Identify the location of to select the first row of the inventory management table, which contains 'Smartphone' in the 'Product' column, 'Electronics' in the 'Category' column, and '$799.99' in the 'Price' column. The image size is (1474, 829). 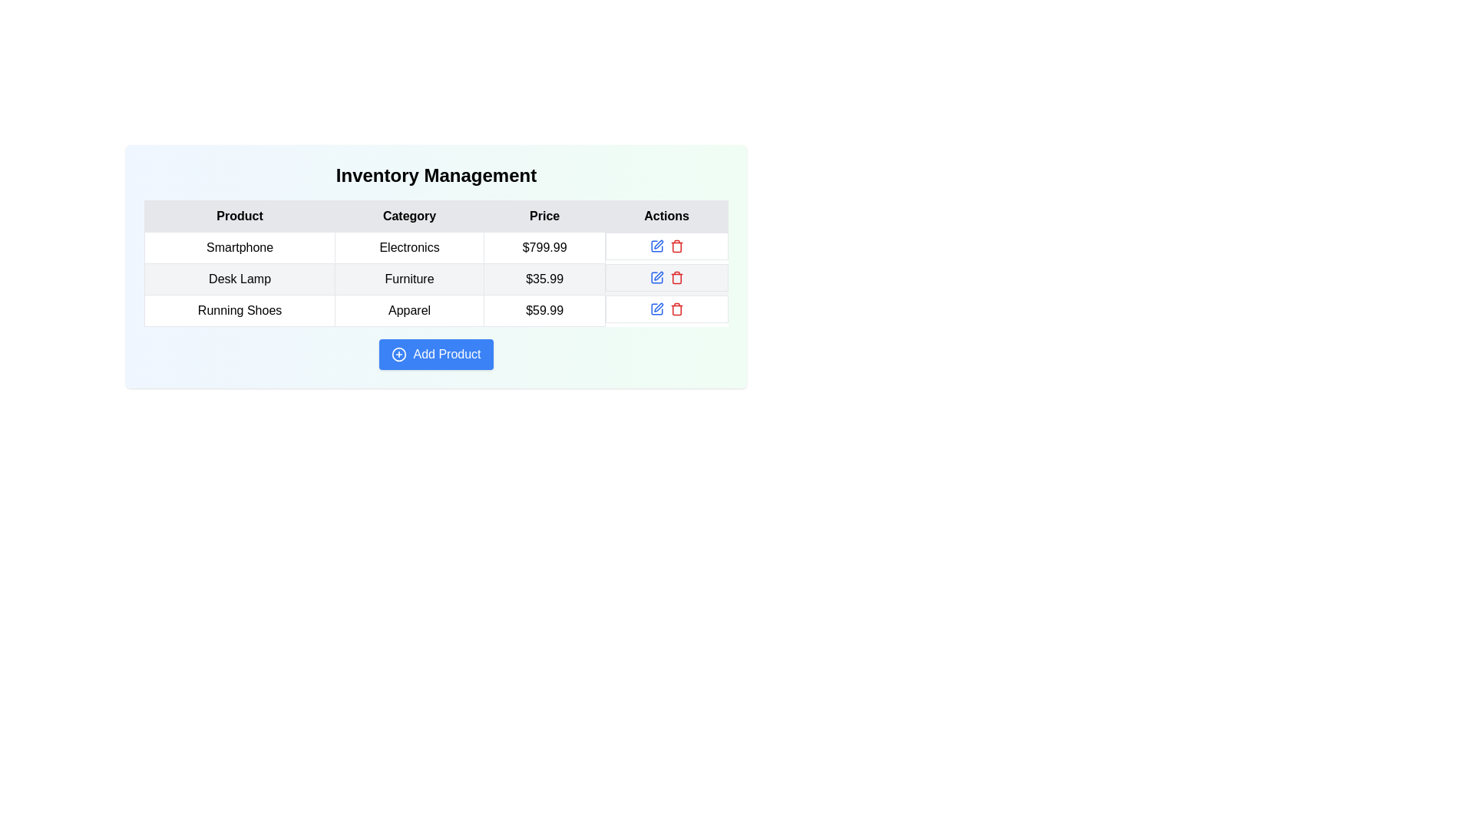
(435, 247).